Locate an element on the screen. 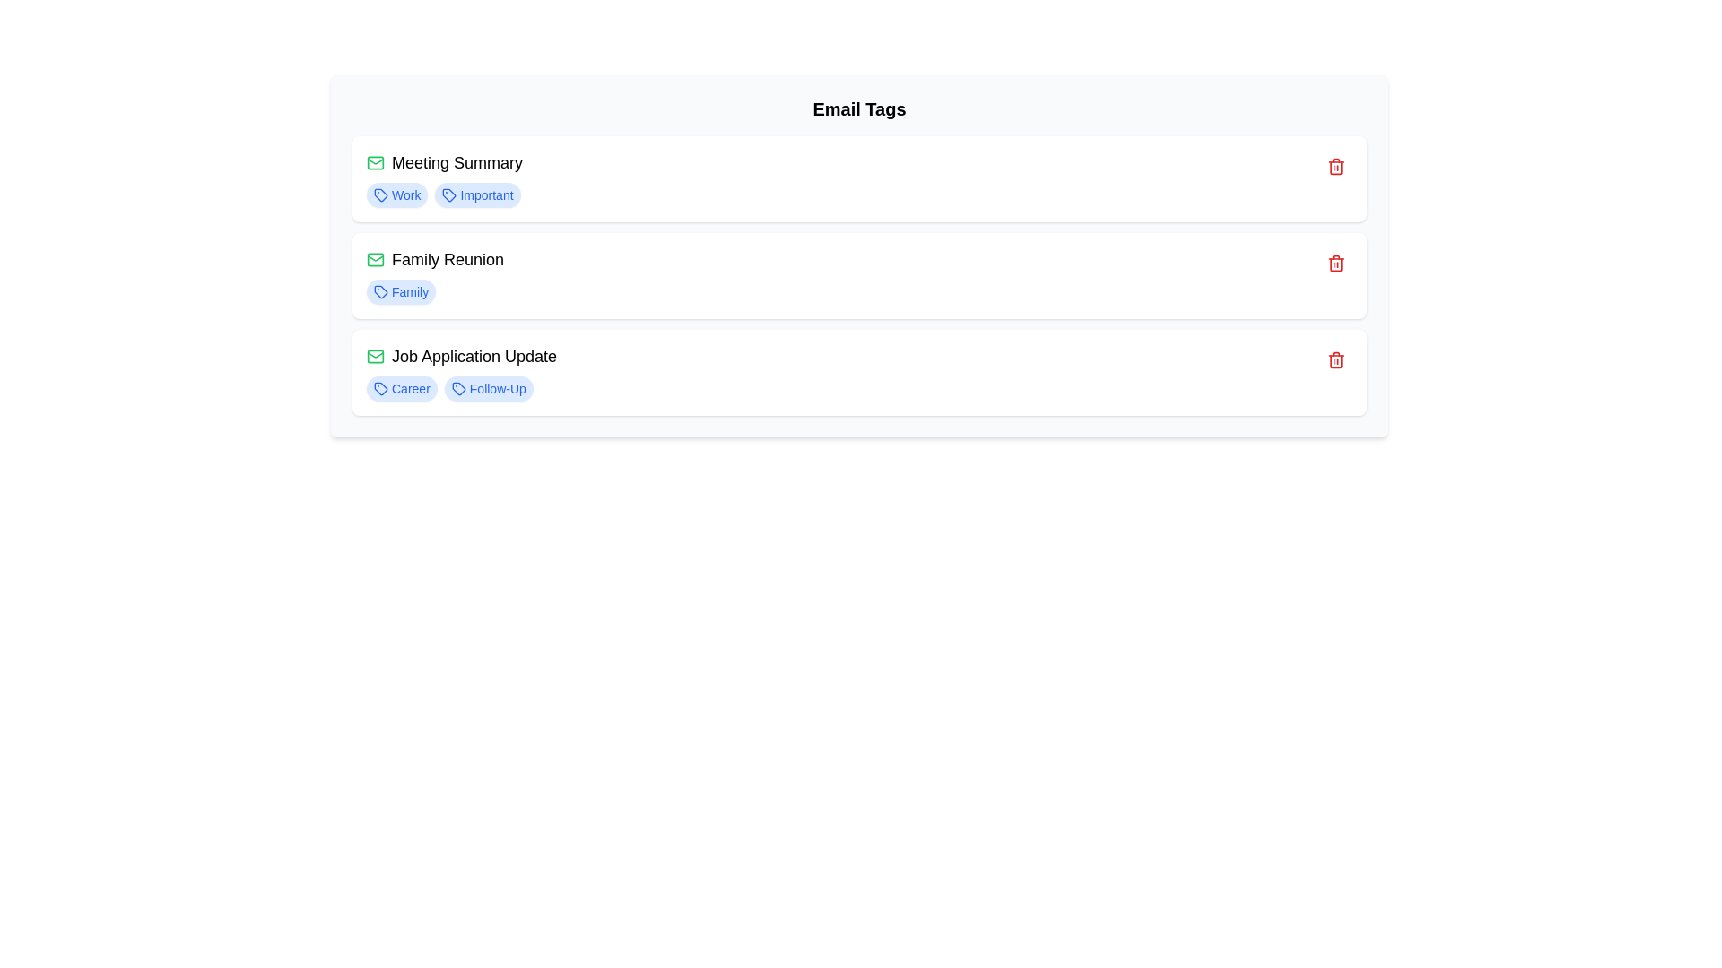 This screenshot has height=968, width=1722. the email card with the subject Family Reunion is located at coordinates (858, 276).